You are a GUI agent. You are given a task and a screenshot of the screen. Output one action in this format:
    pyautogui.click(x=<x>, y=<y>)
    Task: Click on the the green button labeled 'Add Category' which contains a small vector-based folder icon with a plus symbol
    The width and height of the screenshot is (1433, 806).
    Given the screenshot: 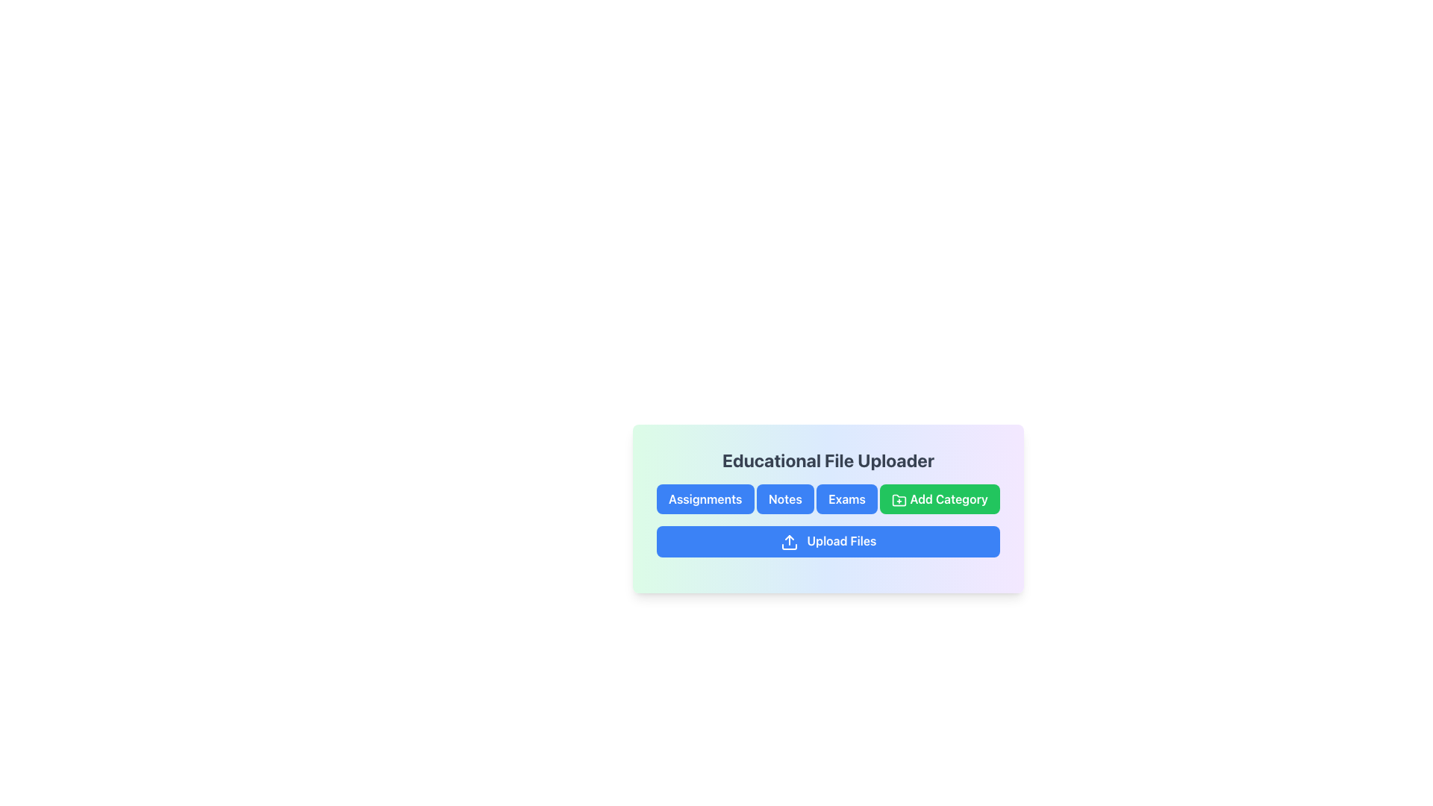 What is the action you would take?
    pyautogui.click(x=899, y=500)
    